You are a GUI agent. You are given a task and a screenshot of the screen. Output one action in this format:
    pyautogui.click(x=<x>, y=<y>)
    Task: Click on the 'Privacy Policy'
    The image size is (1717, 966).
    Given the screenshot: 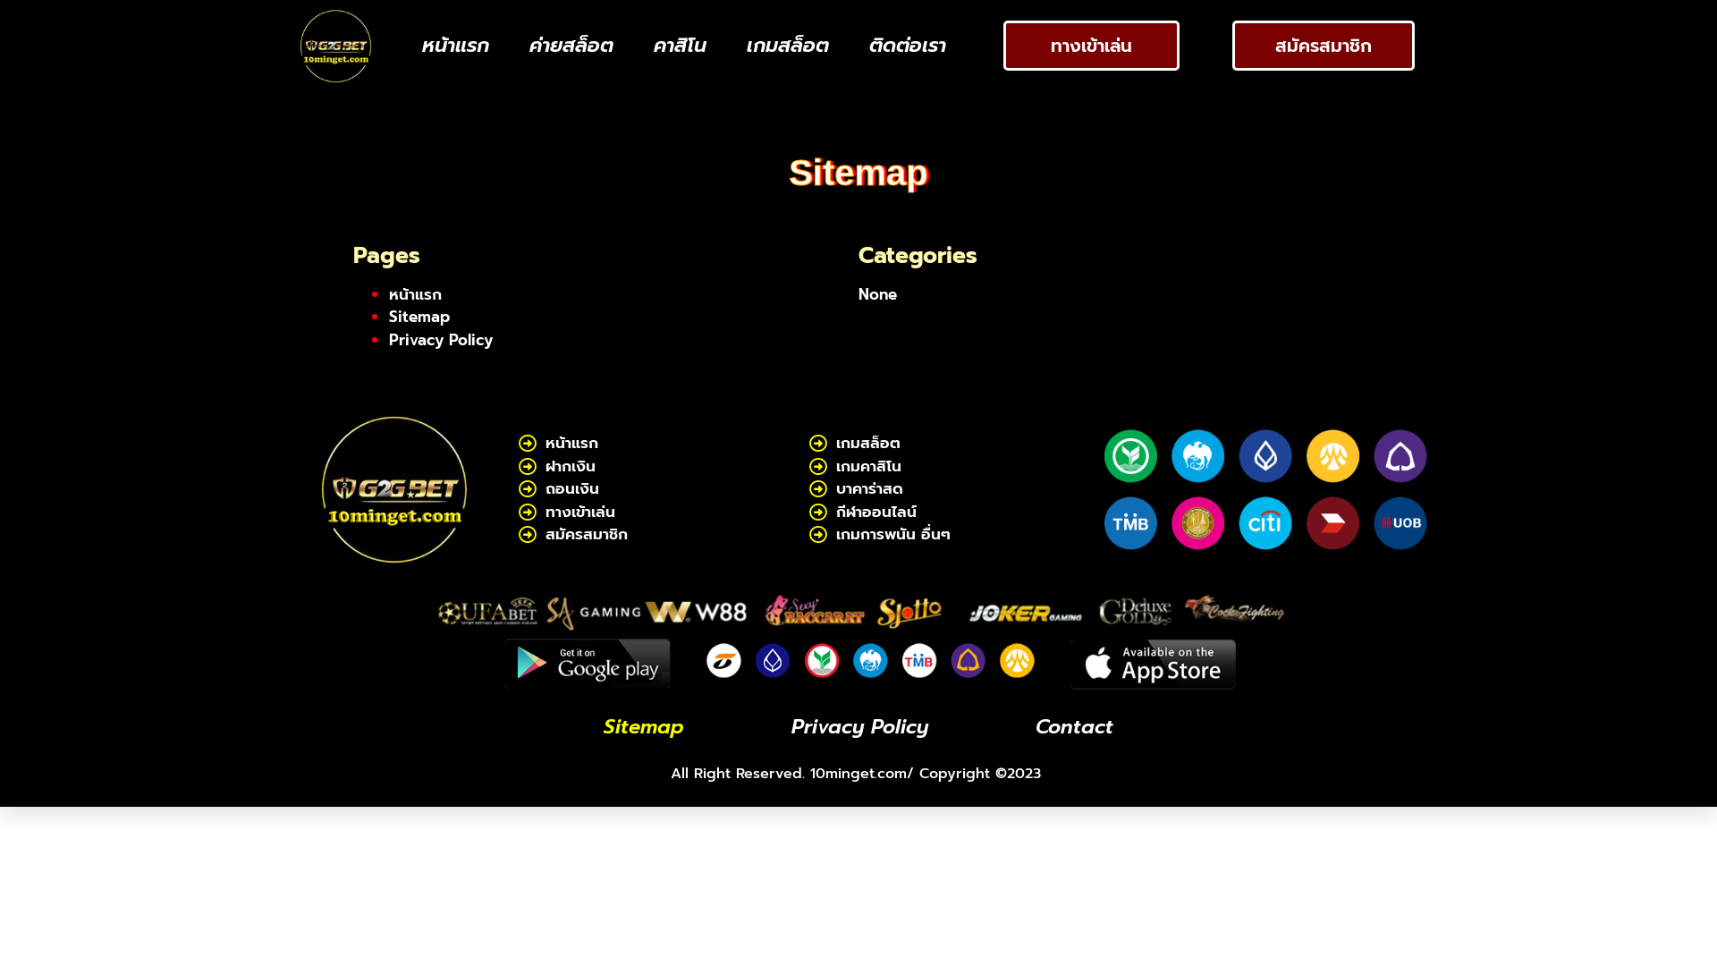 What is the action you would take?
    pyautogui.click(x=859, y=727)
    